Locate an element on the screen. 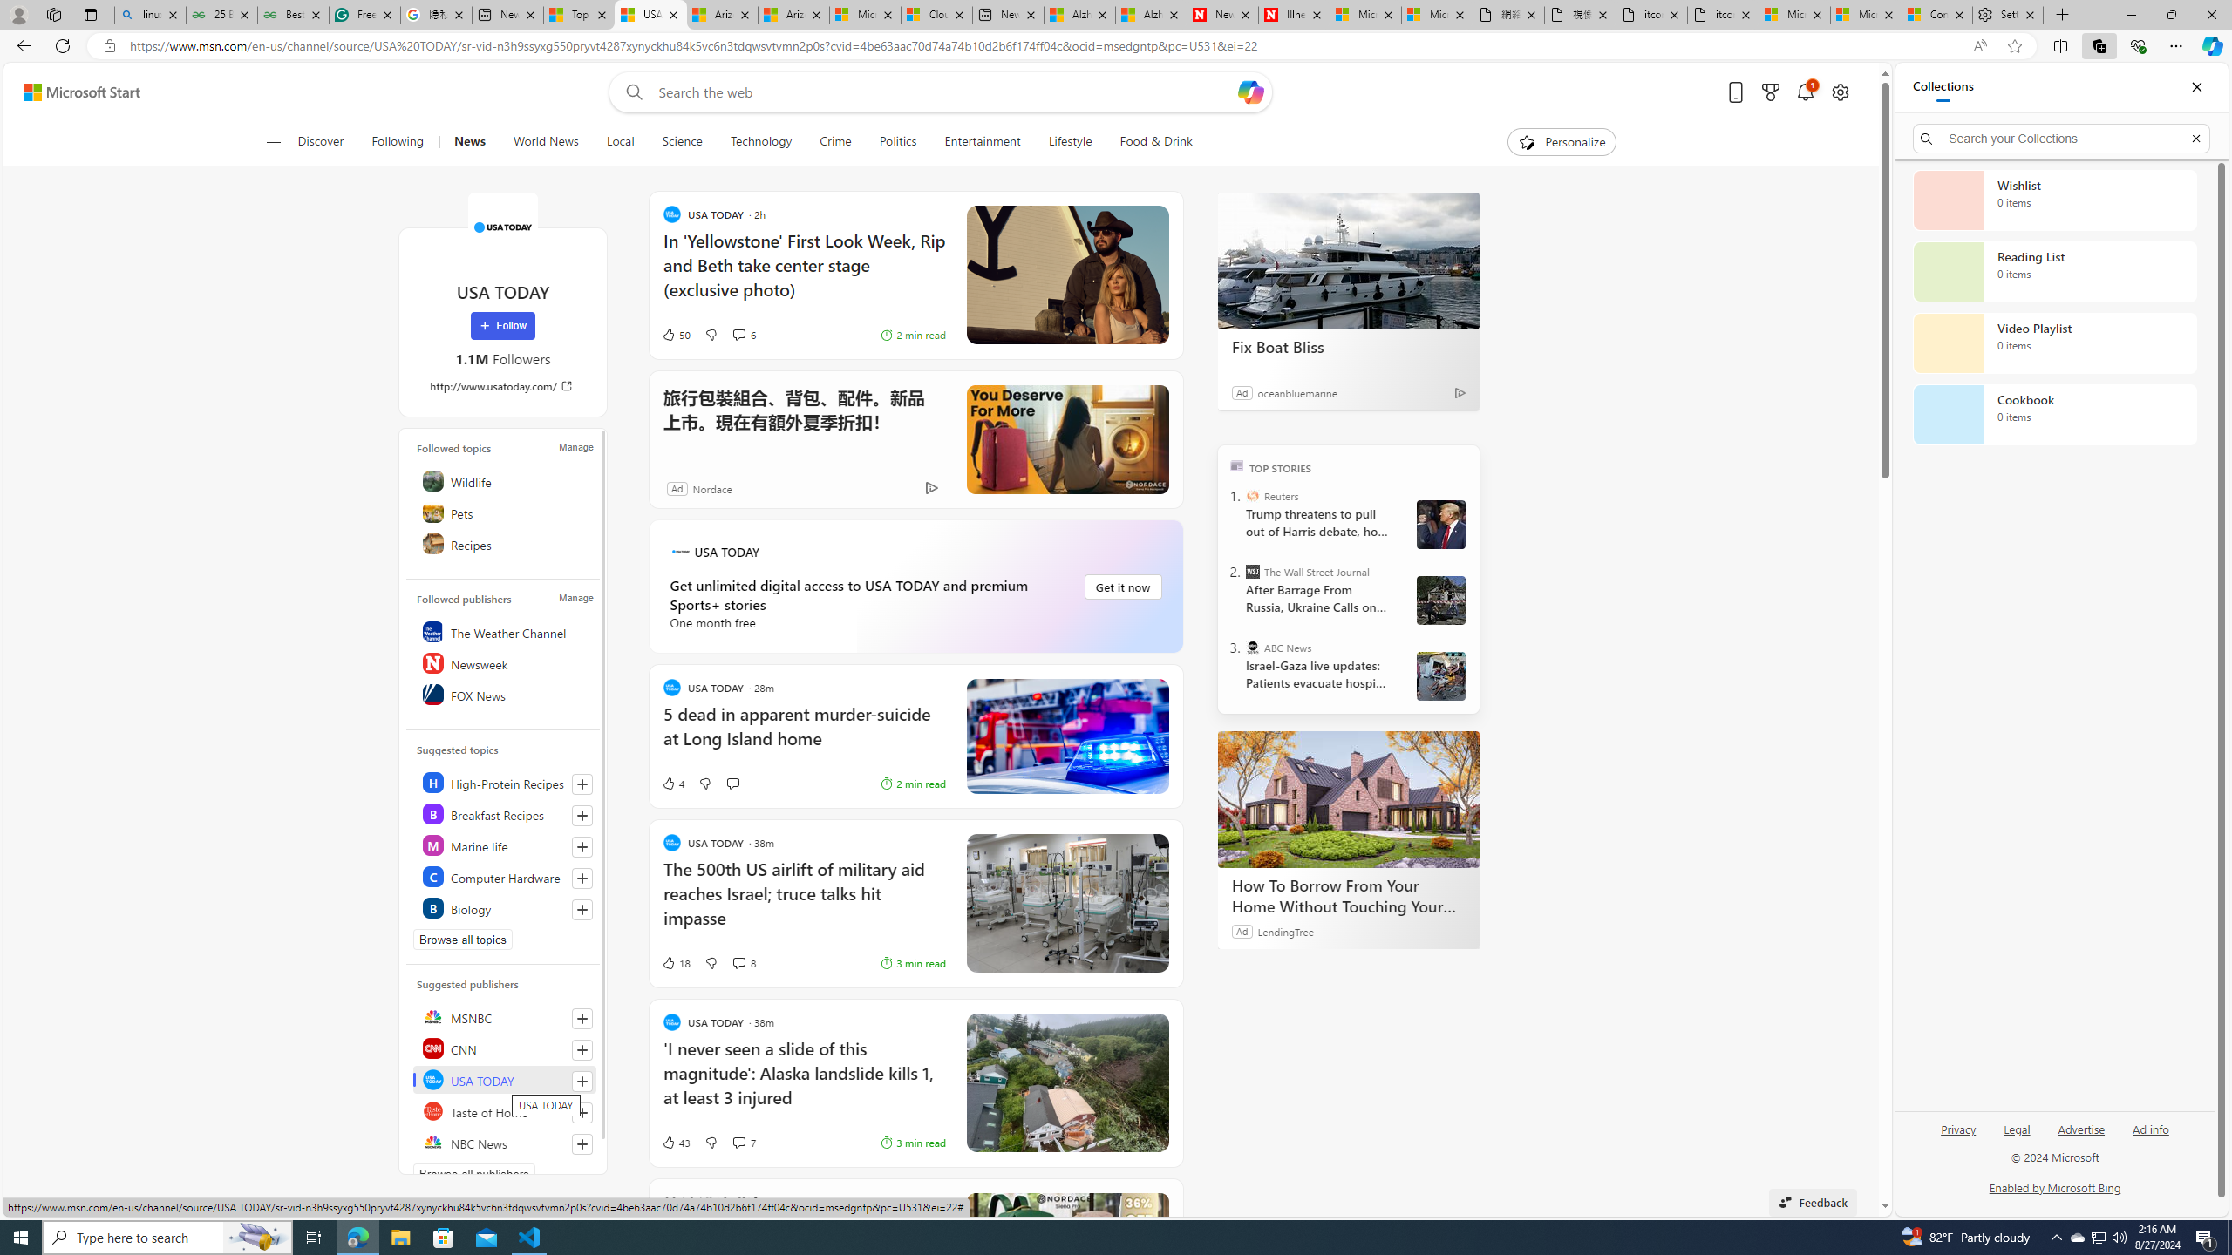 The height and width of the screenshot is (1255, 2232). 'Recipes' is located at coordinates (504, 543).